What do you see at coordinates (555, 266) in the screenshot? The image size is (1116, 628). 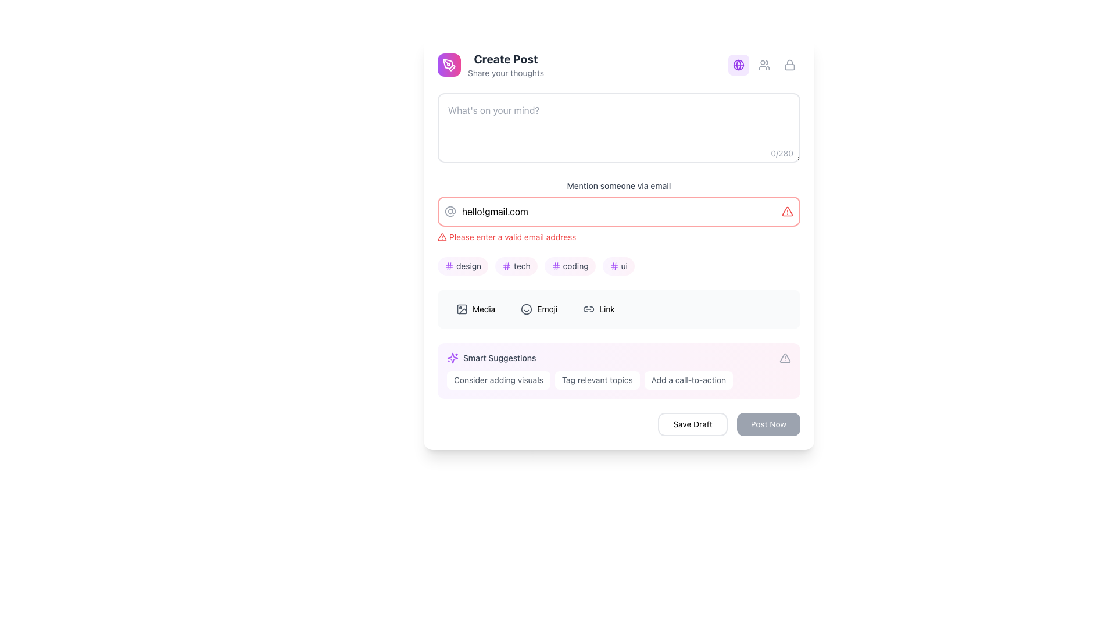 I see `the hash icon located inside the 'coding' button, which is positioned in the second row of tags under the invalid email message` at bounding box center [555, 266].